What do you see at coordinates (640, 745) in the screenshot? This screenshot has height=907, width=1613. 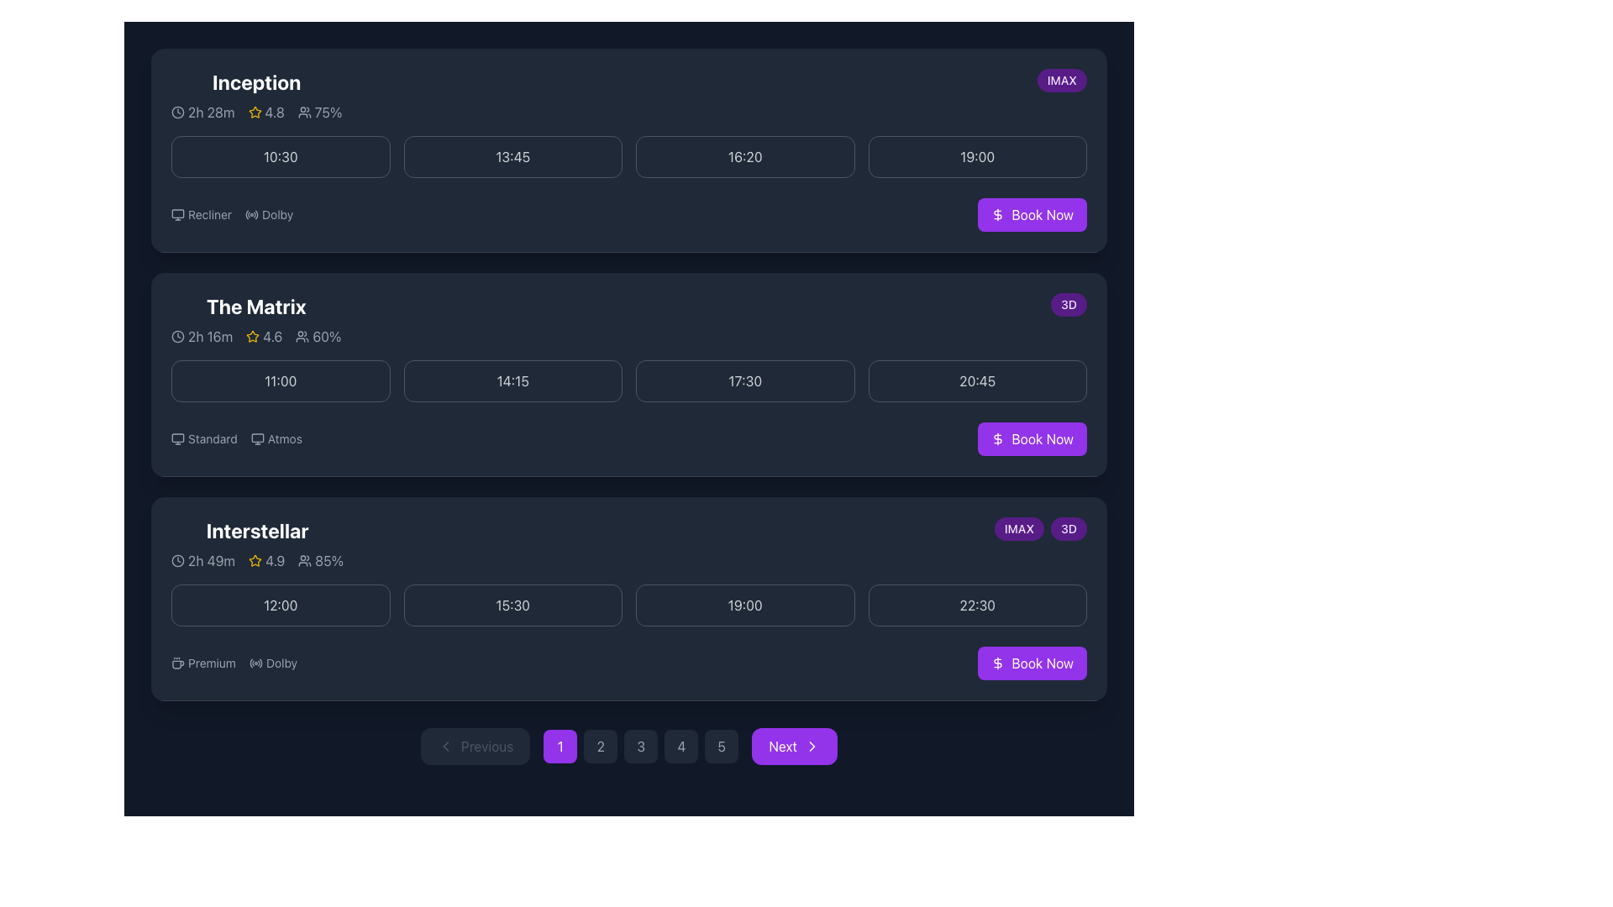 I see `the button labeled '3'` at bounding box center [640, 745].